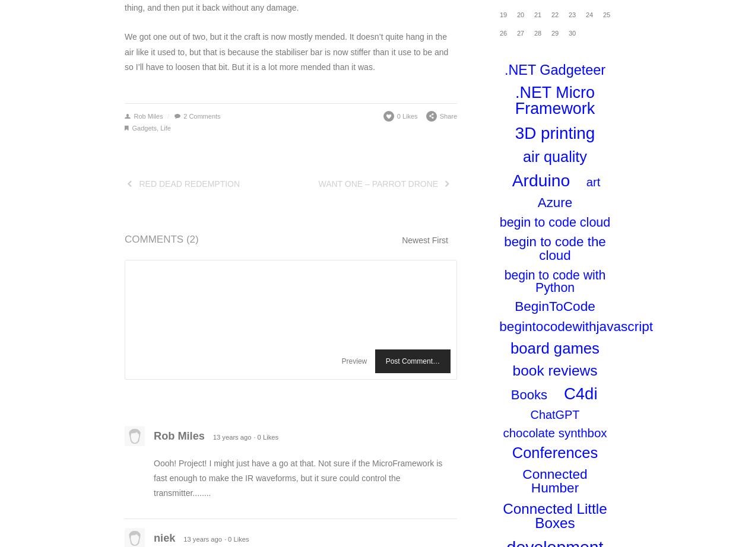 This screenshot has width=742, height=547. Describe the element at coordinates (503, 280) in the screenshot. I see `'begin to code with Python'` at that location.